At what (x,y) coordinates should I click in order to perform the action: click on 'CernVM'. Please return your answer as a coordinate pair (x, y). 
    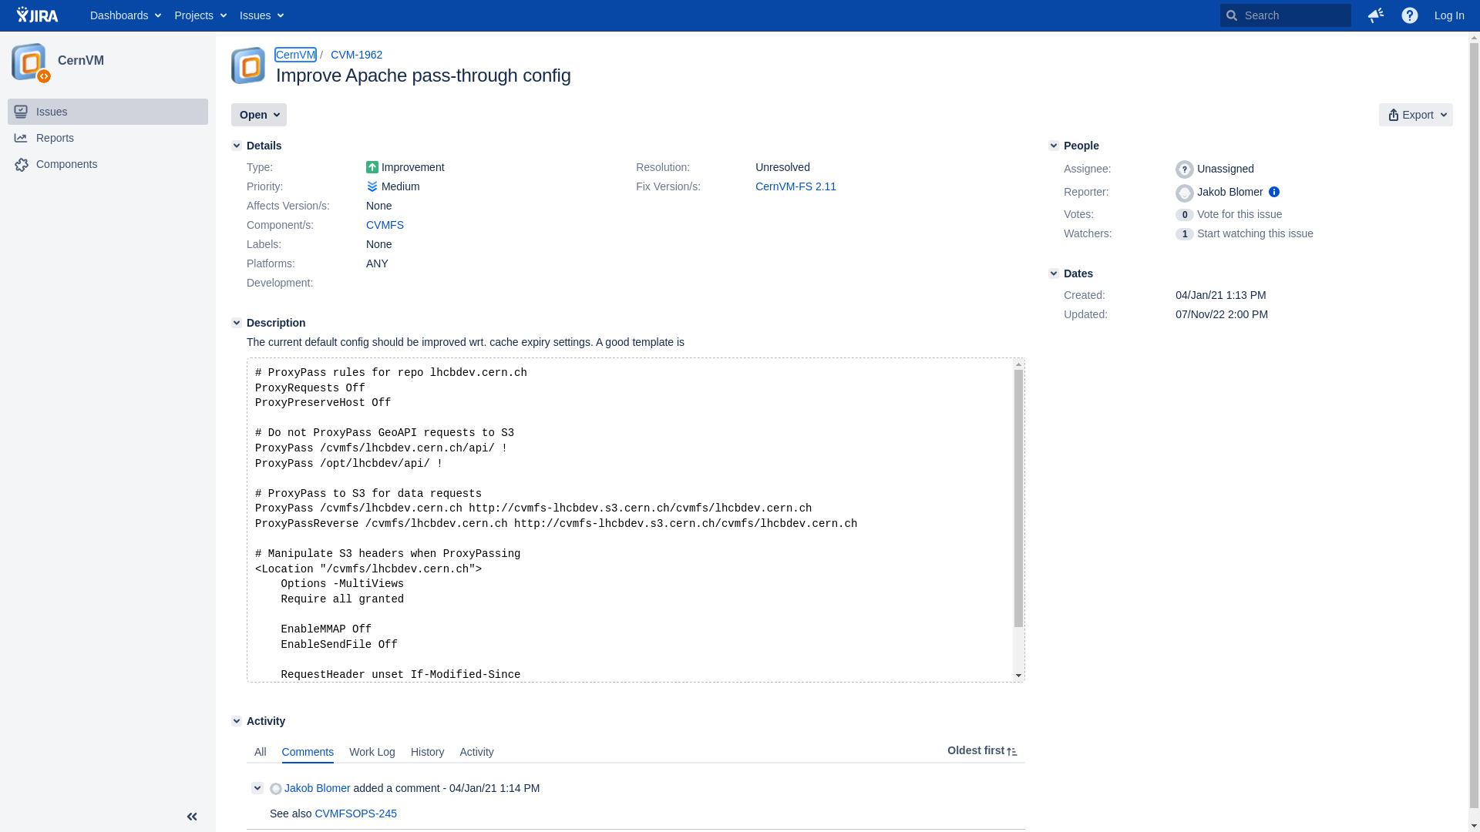
    Looking at the image, I should click on (276, 53).